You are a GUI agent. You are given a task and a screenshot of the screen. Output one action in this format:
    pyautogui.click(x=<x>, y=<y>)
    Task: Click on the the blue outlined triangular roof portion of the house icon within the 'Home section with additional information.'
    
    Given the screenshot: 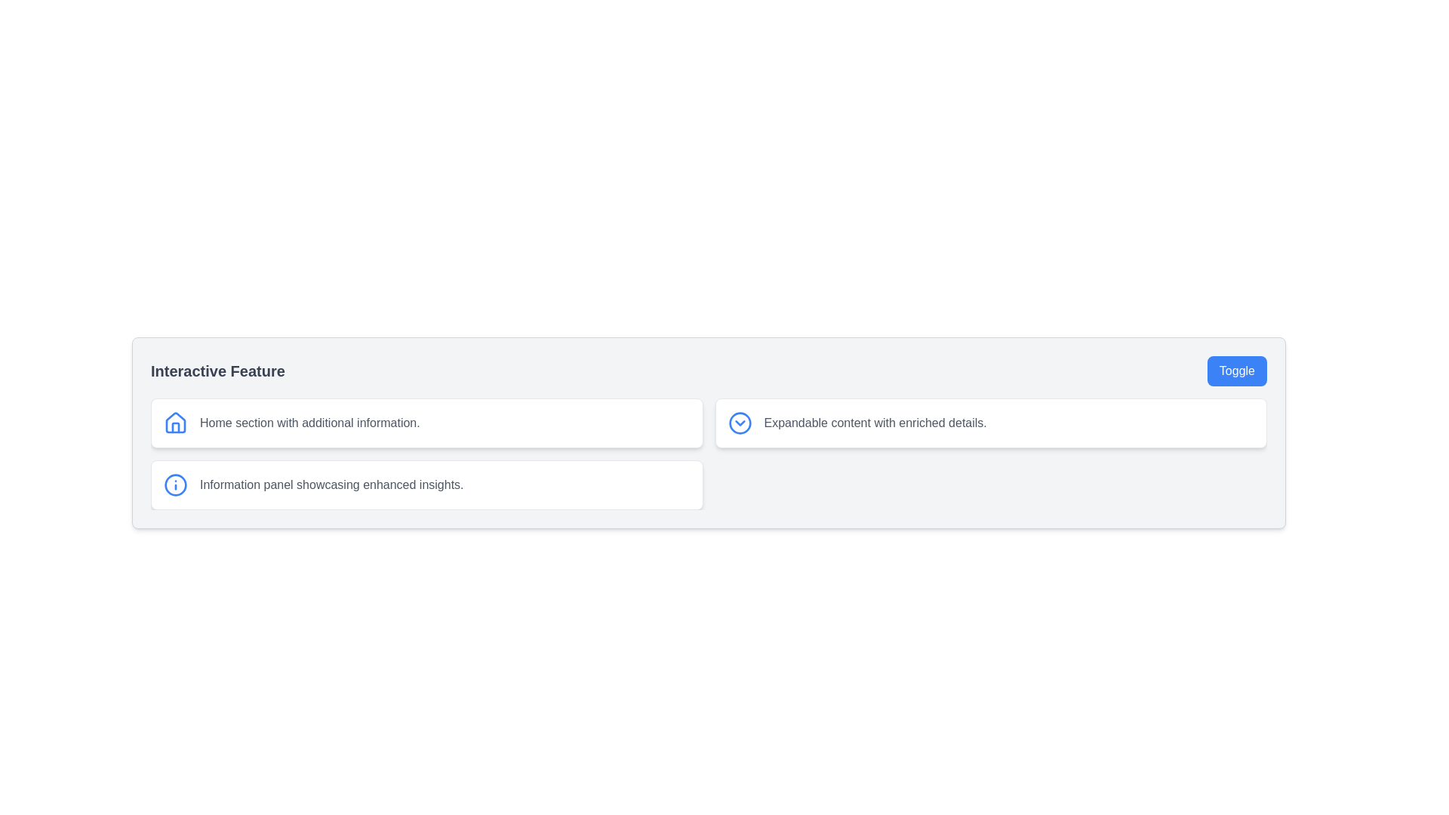 What is the action you would take?
    pyautogui.click(x=176, y=422)
    